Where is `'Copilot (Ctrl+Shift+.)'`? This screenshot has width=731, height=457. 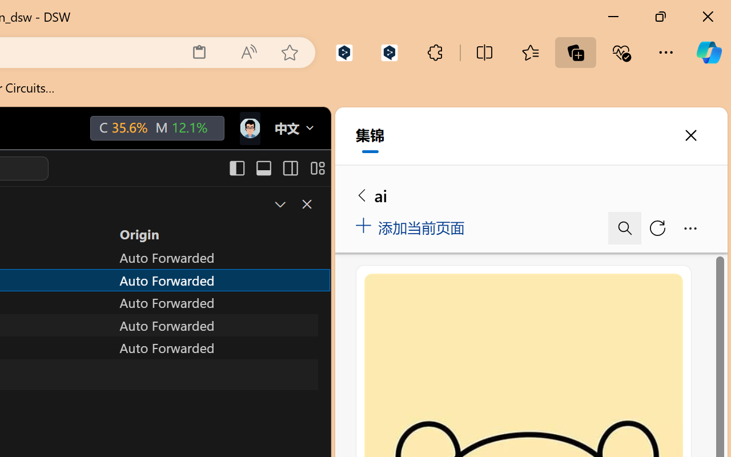 'Copilot (Ctrl+Shift+.)' is located at coordinates (708, 52).